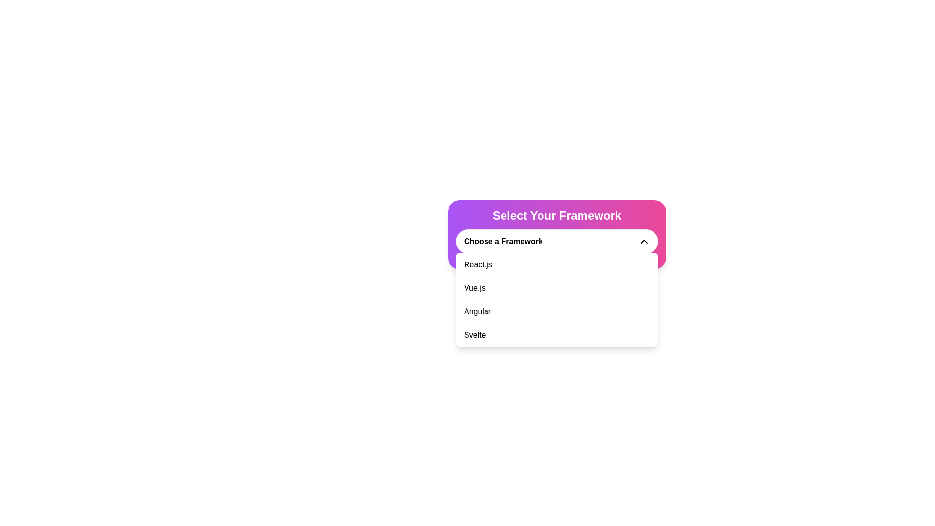  I want to click on the fourth item in the dropdown menu labeled 'Svelte', so click(557, 334).